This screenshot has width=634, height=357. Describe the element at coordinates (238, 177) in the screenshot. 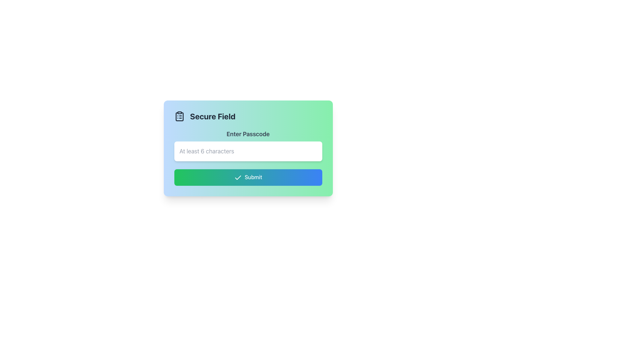

I see `the checkmark icon located near the left edge of the 'Submit' button, which enhances the visual feedback of the button's purpose` at that location.